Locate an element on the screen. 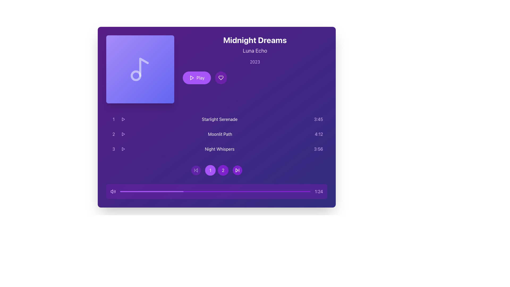  playback position is located at coordinates (276, 192).